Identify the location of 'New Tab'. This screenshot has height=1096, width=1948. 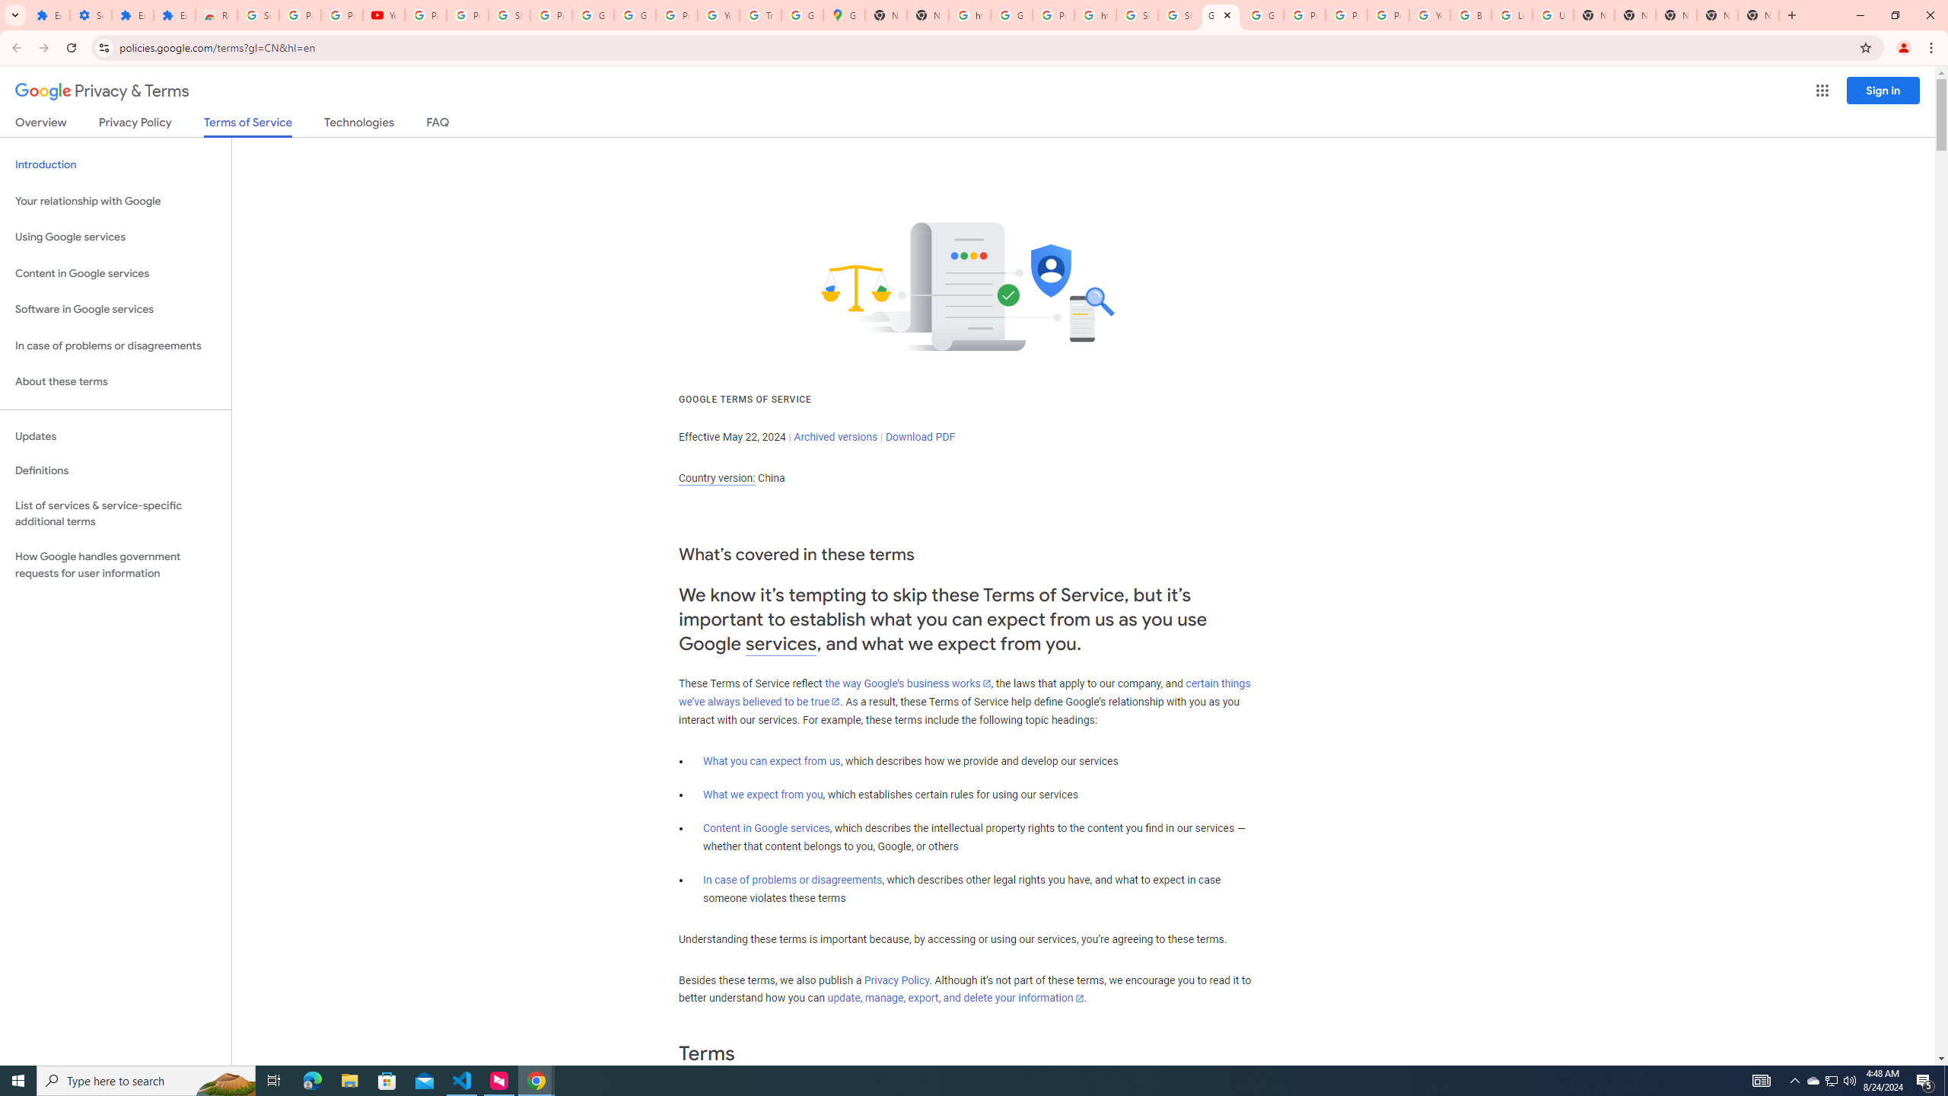
(1675, 14).